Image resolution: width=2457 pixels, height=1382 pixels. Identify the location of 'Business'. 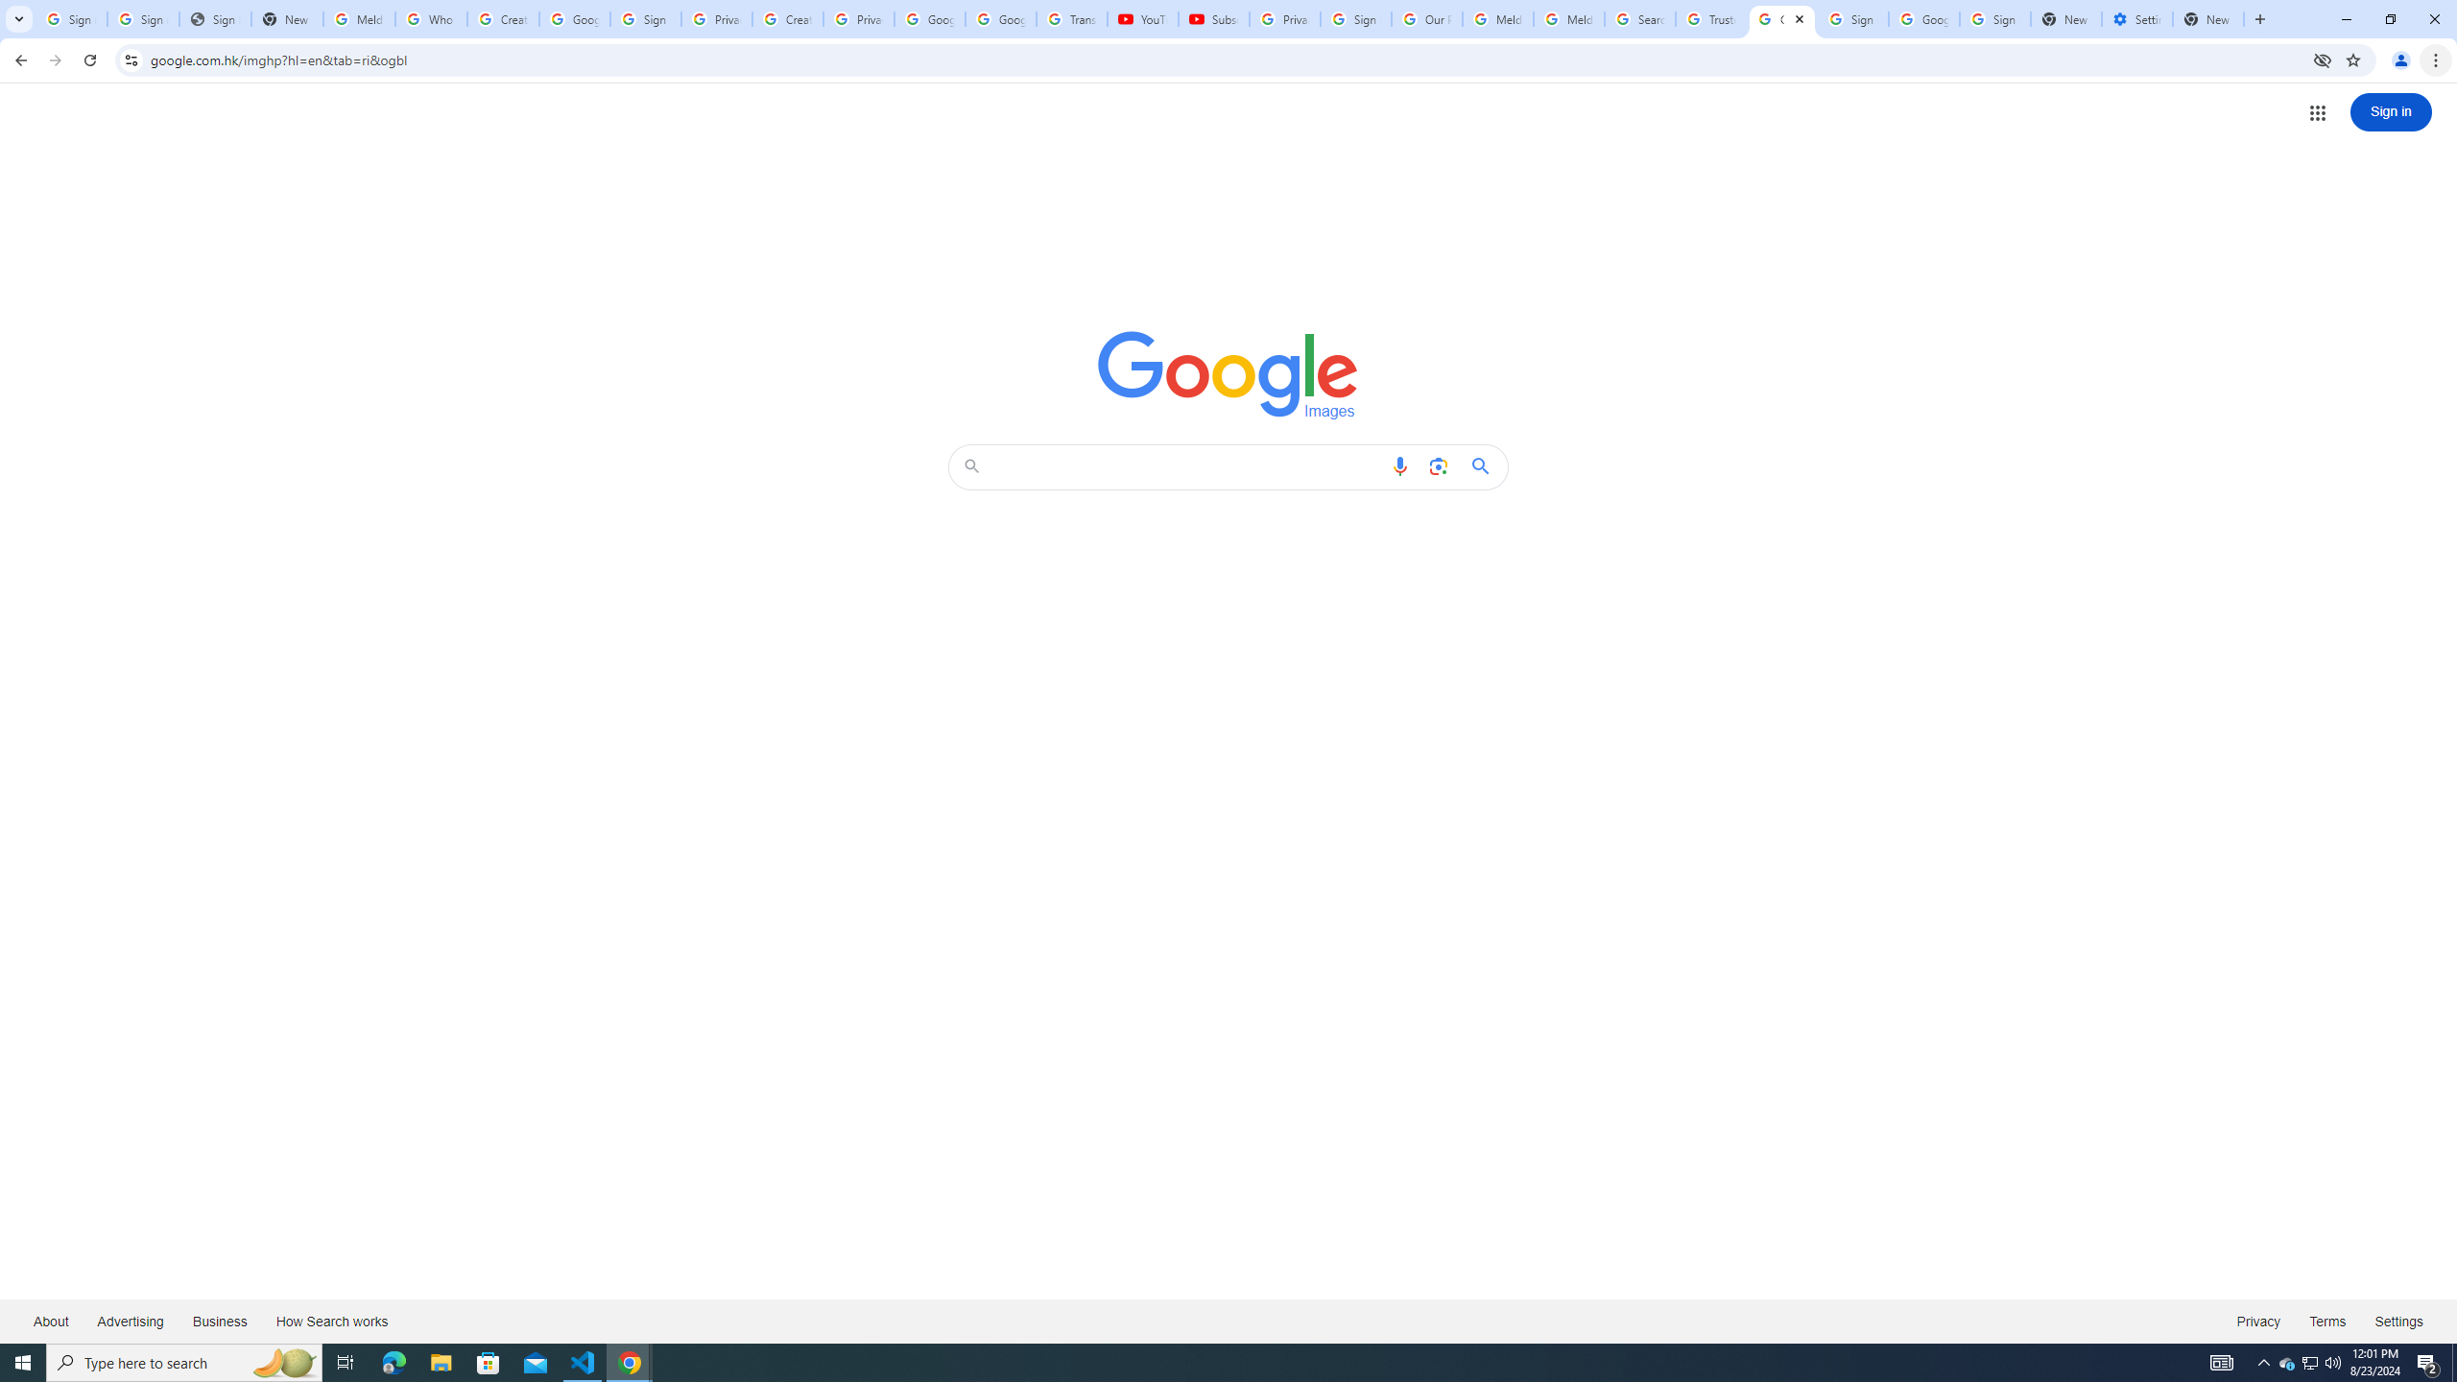
(219, 1320).